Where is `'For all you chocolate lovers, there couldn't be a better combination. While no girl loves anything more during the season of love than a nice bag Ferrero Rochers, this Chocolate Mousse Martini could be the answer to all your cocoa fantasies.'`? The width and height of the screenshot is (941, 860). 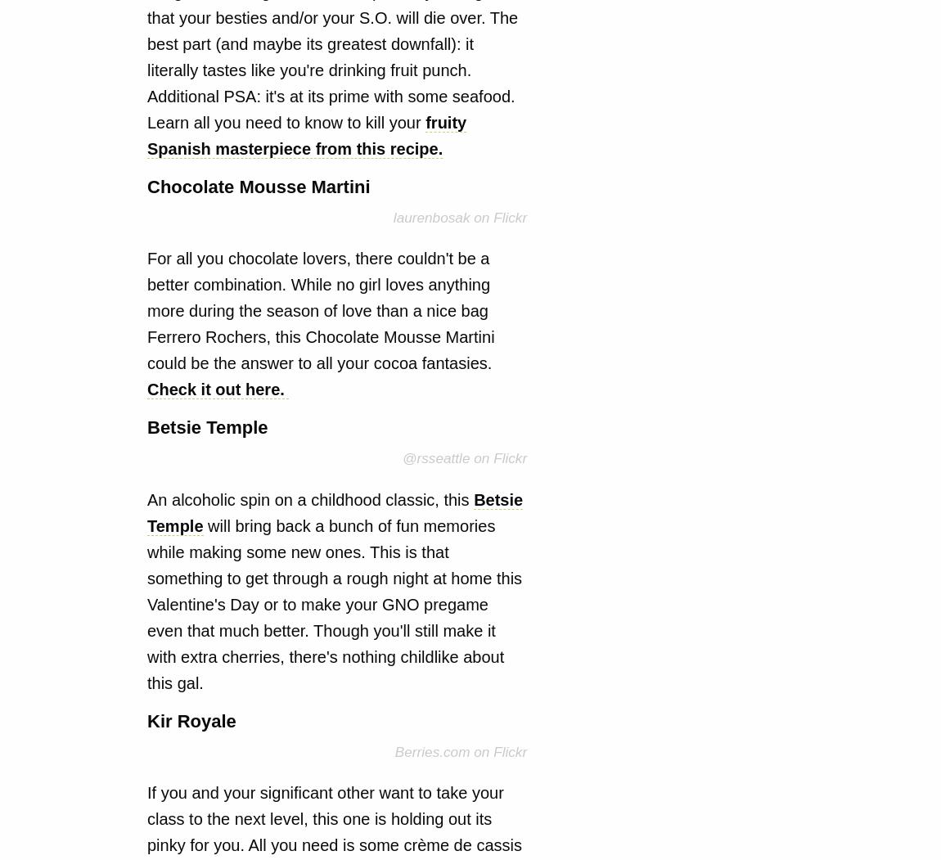
'For all you chocolate lovers, there couldn't be a better combination. While no girl loves anything more during the season of love than a nice bag Ferrero Rochers, this Chocolate Mousse Martini could be the answer to all your cocoa fantasies.' is located at coordinates (321, 310).